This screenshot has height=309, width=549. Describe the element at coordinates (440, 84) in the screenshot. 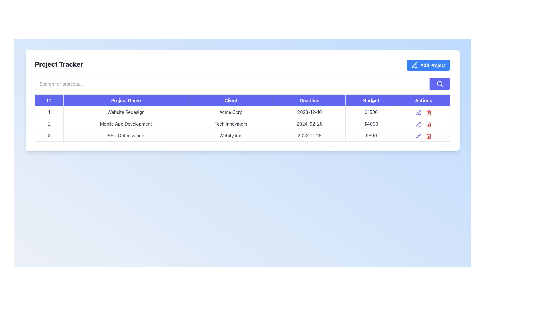

I see `the magnifying glass icon located within the blue button in the top-right corner of the search bar` at that location.